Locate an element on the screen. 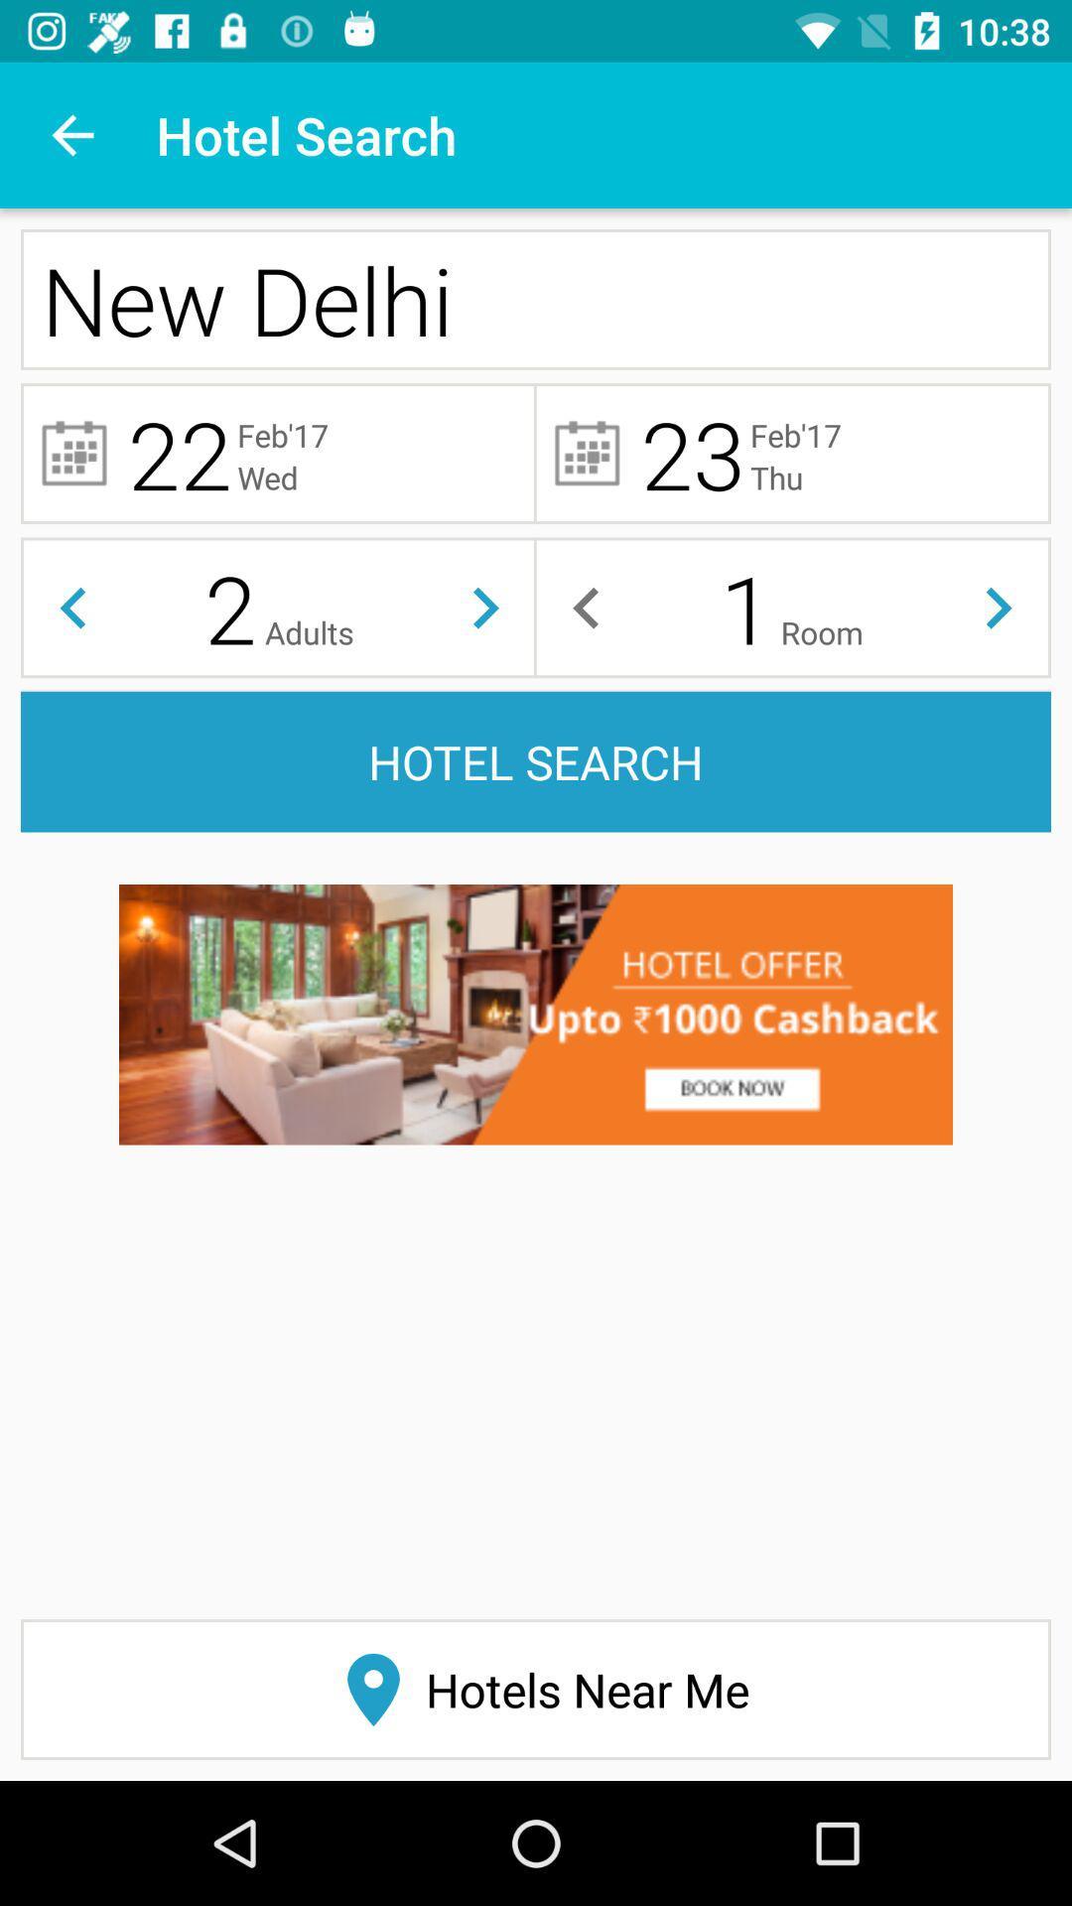  the arrow_forward icon is located at coordinates (999, 607).